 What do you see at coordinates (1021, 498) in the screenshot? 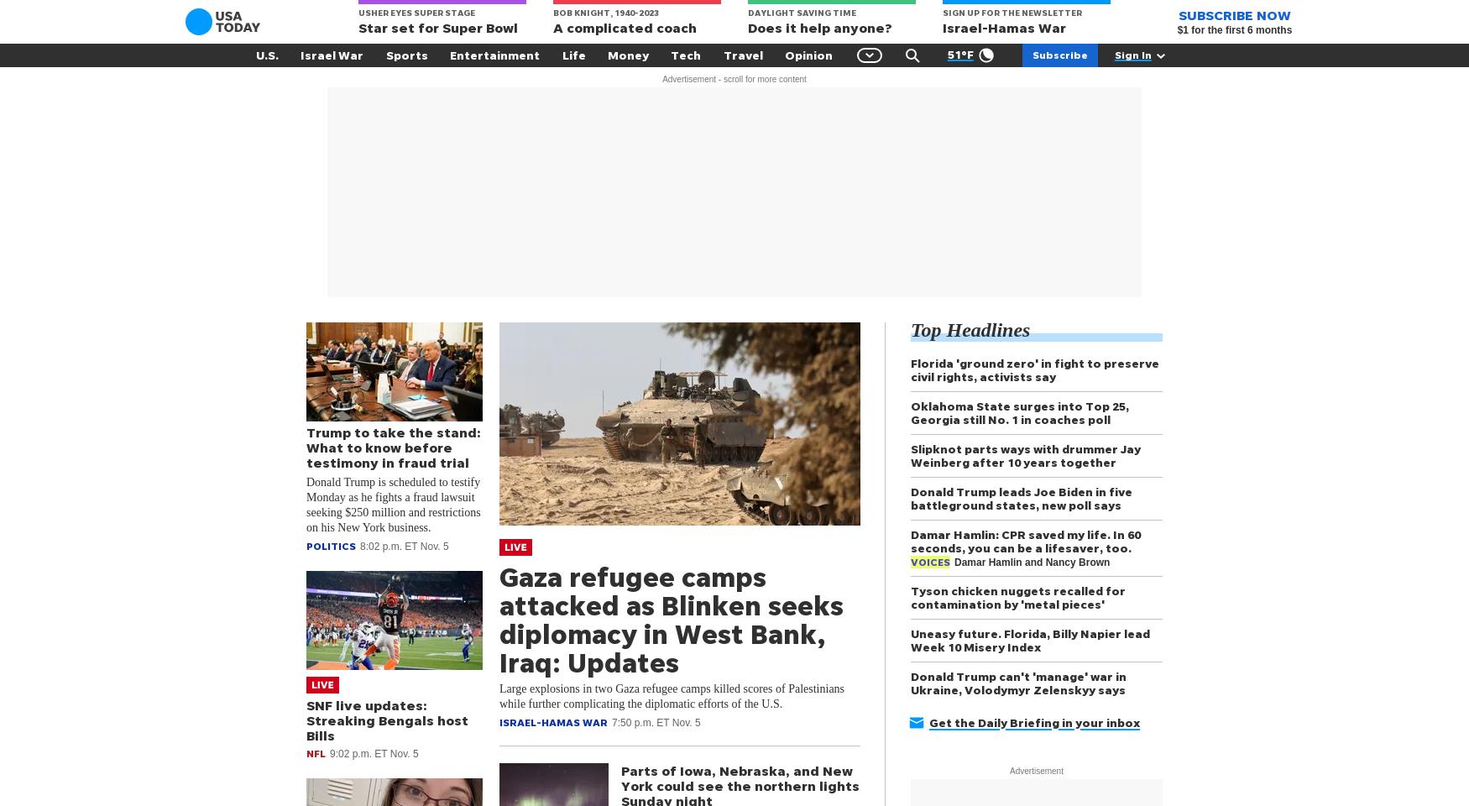
I see `'Donald Trump leads Joe Biden in five battleground states, new poll says'` at bounding box center [1021, 498].